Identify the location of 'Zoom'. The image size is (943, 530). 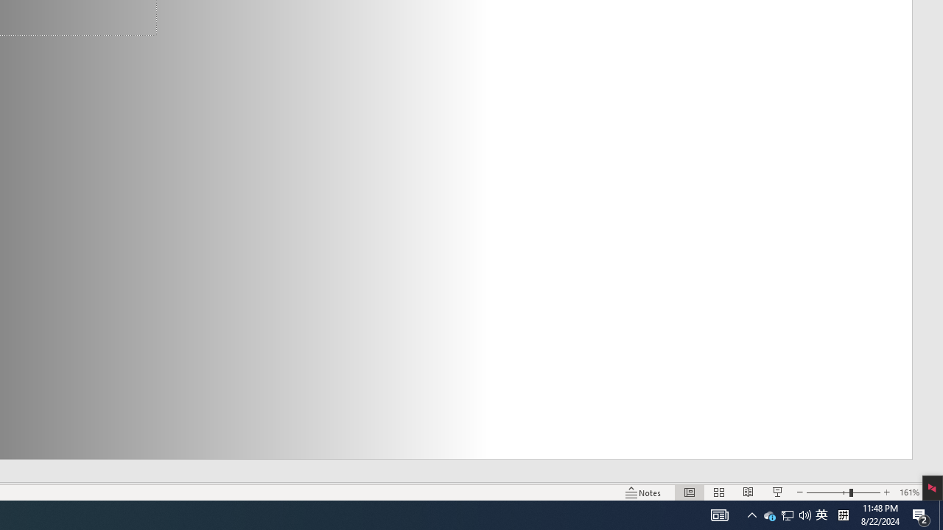
(843, 492).